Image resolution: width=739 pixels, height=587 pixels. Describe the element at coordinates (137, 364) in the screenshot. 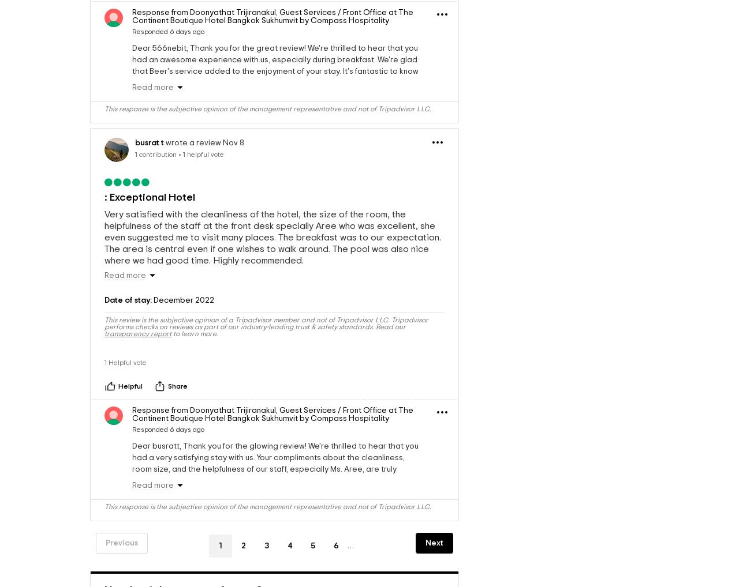

I see `'transparency report'` at that location.